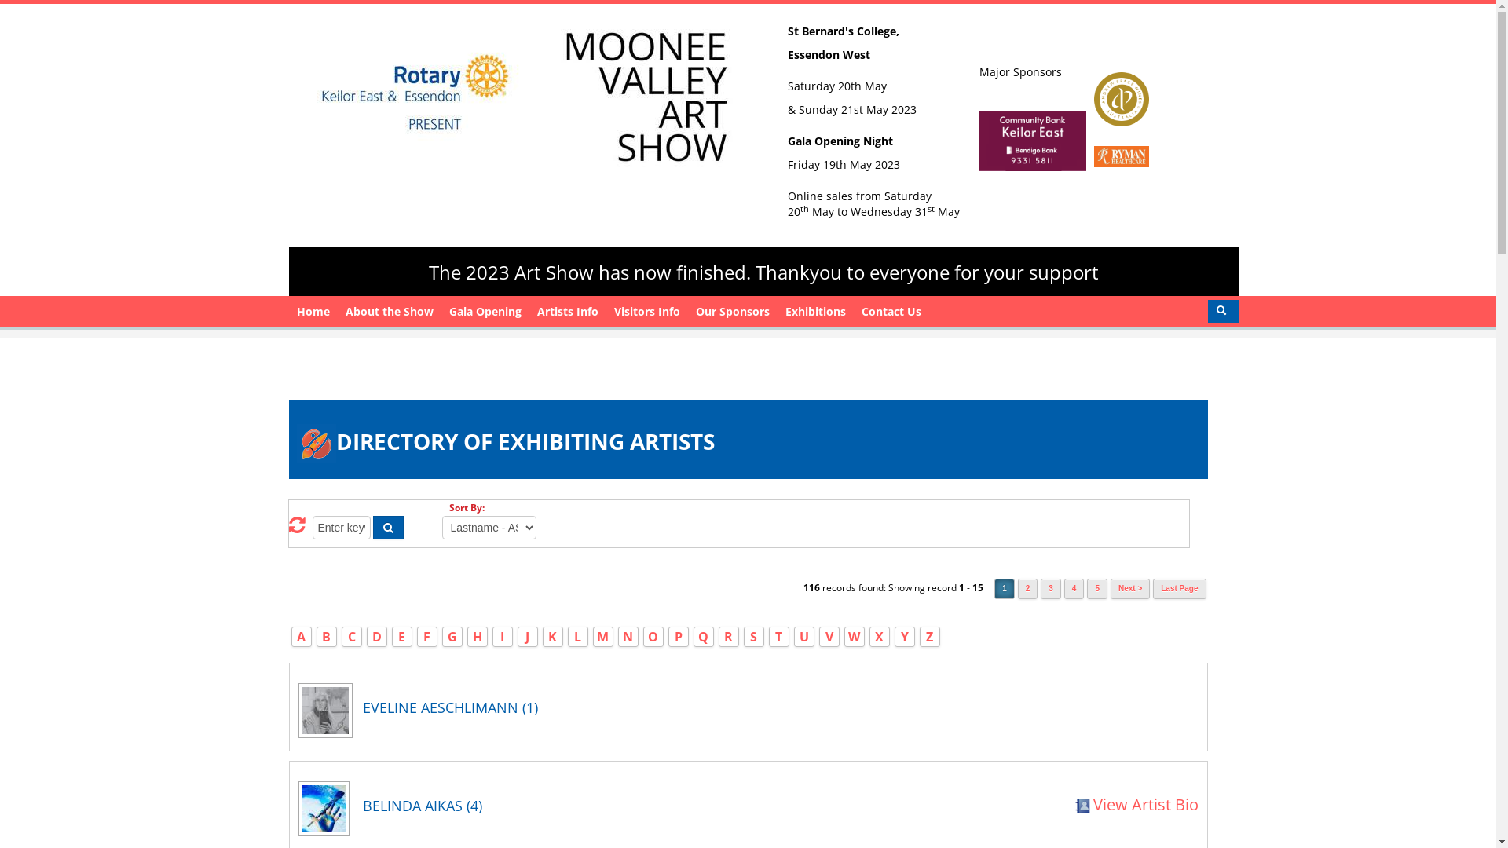  Describe the element at coordinates (426, 636) in the screenshot. I see `'F'` at that location.